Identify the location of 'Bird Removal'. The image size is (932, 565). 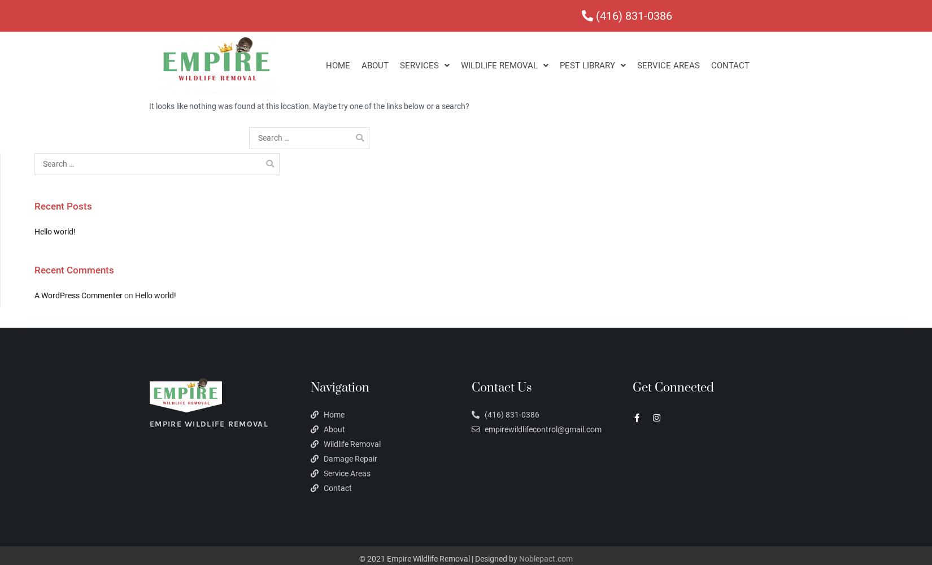
(501, 168).